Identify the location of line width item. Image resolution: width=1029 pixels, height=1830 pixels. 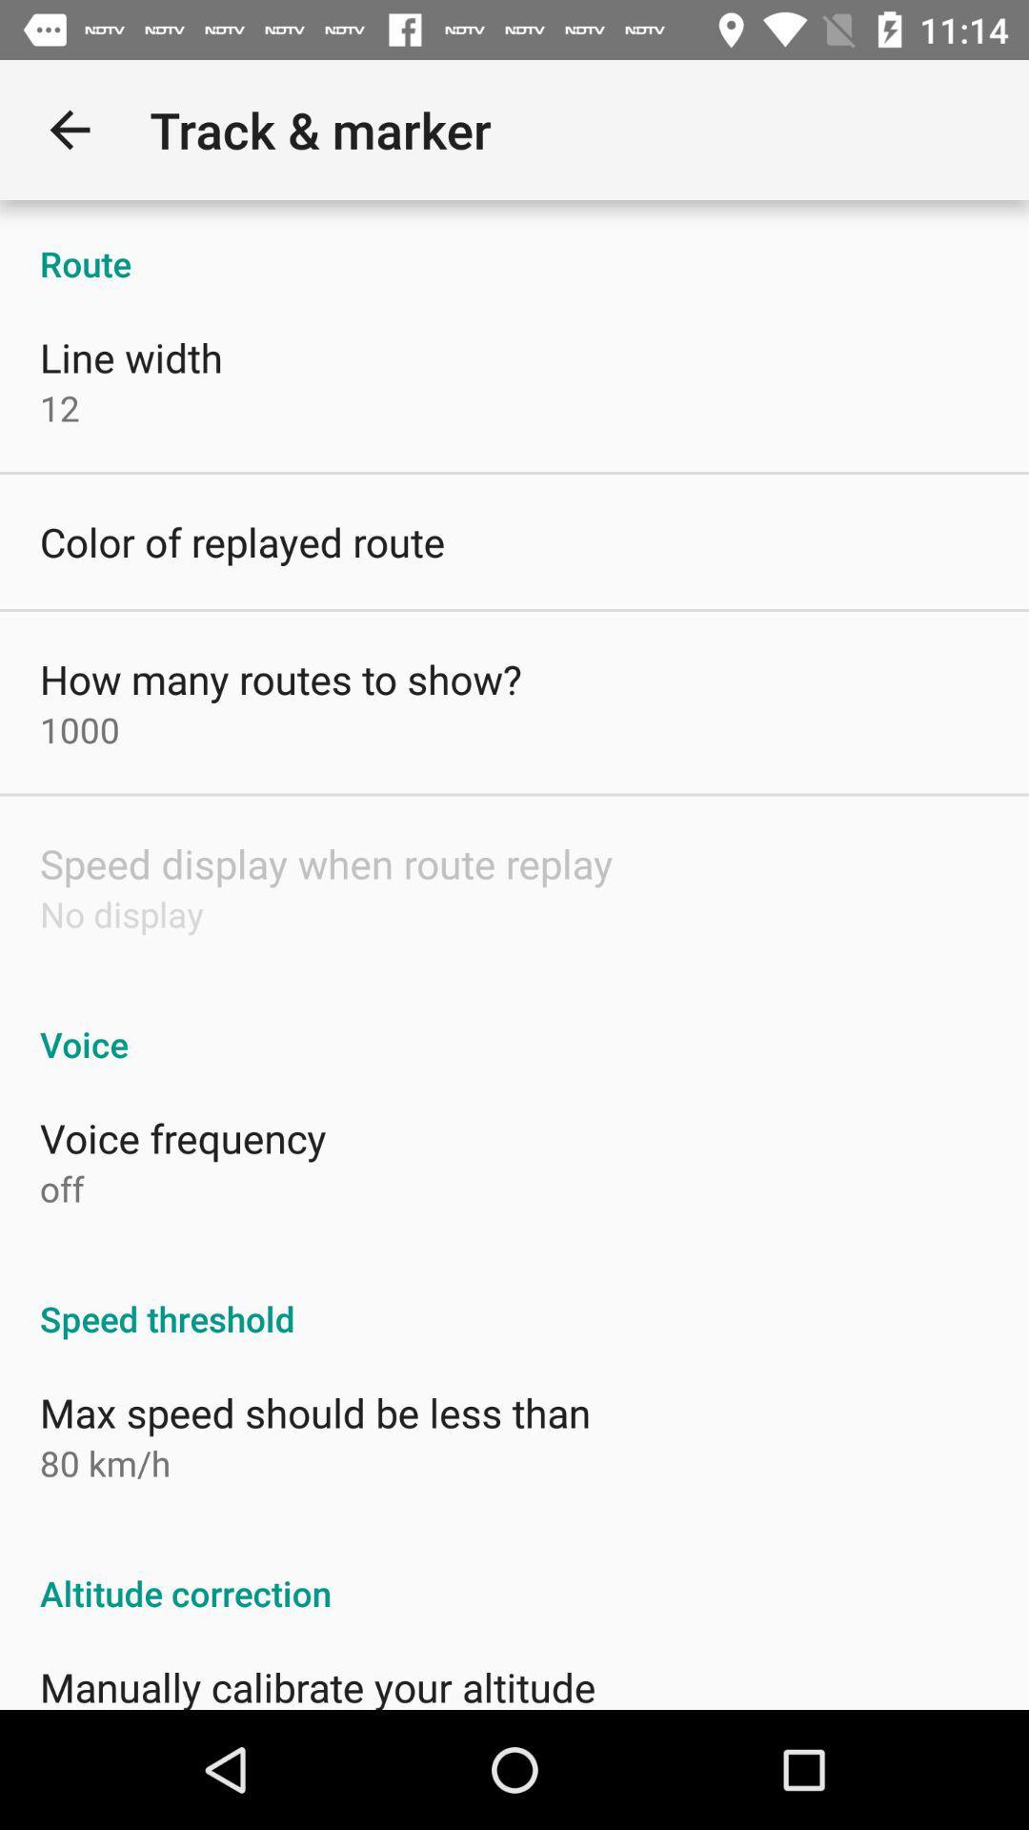
(131, 356).